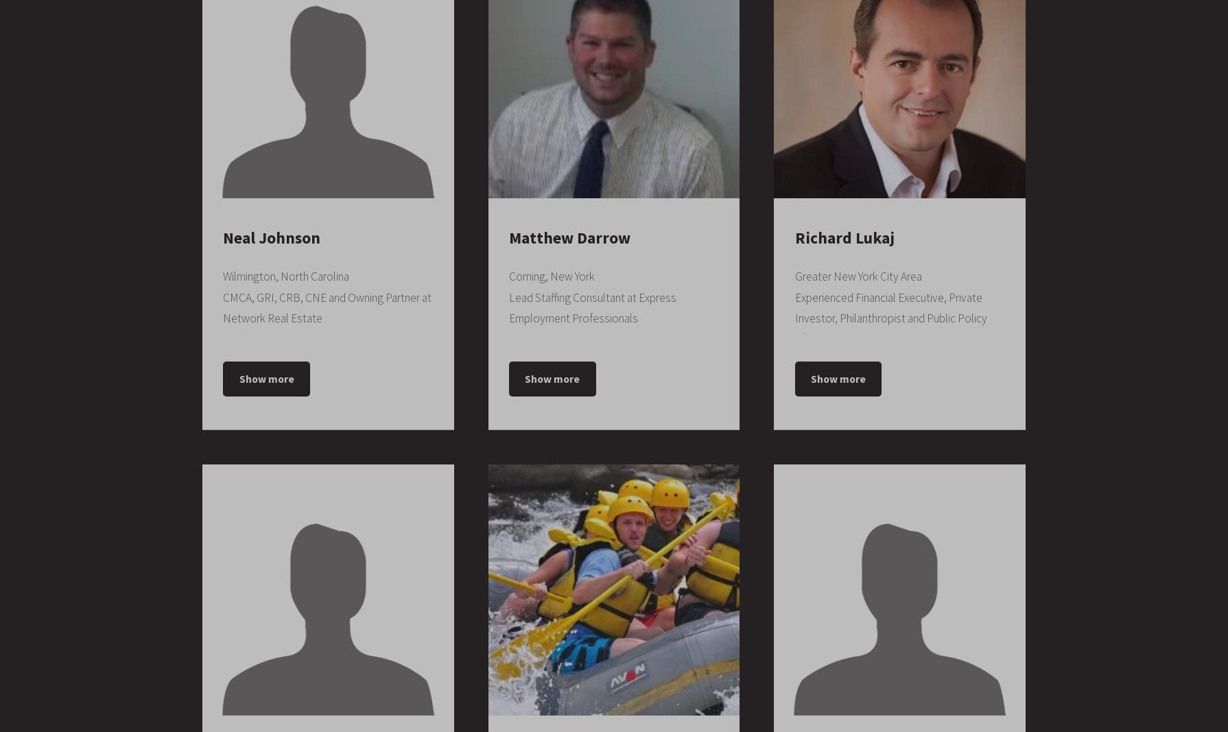 The height and width of the screenshot is (732, 1228). Describe the element at coordinates (286, 276) in the screenshot. I see `'Wilmington, North Carolina'` at that location.